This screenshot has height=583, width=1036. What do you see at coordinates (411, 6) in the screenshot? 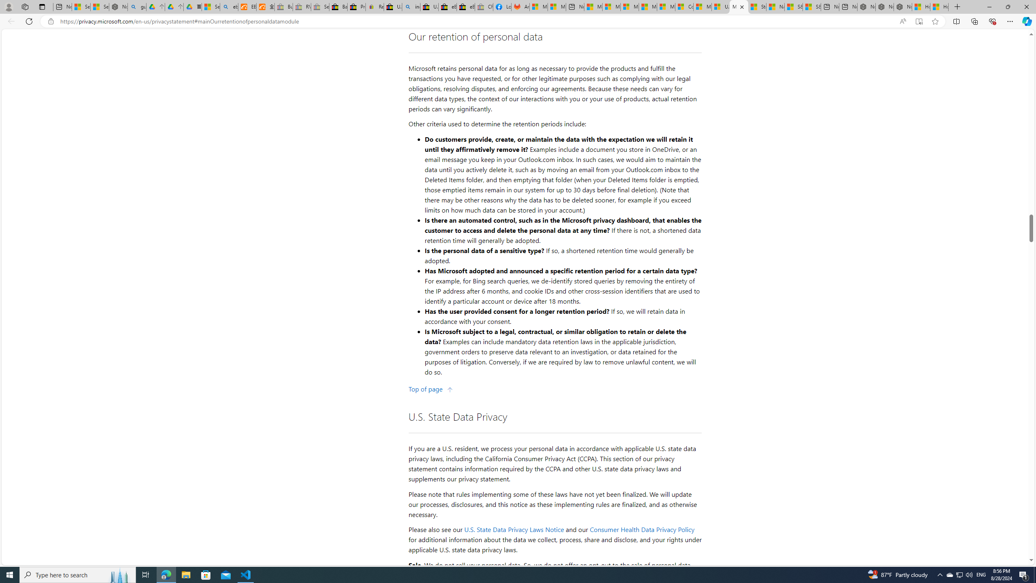
I see `'including - Search'` at bounding box center [411, 6].